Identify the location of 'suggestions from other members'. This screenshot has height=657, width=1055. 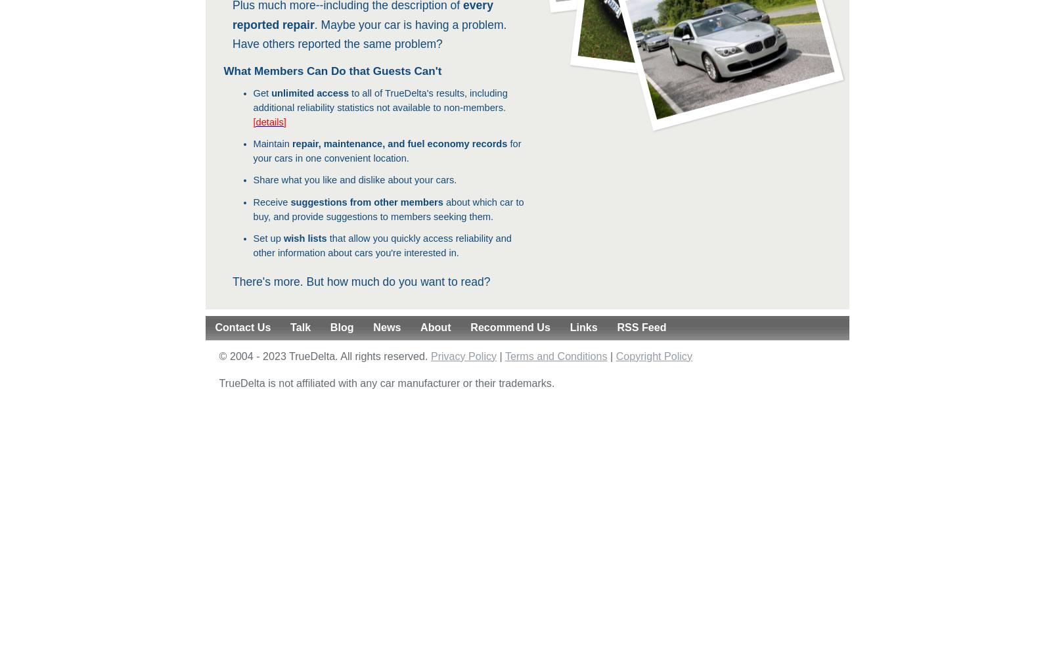
(365, 202).